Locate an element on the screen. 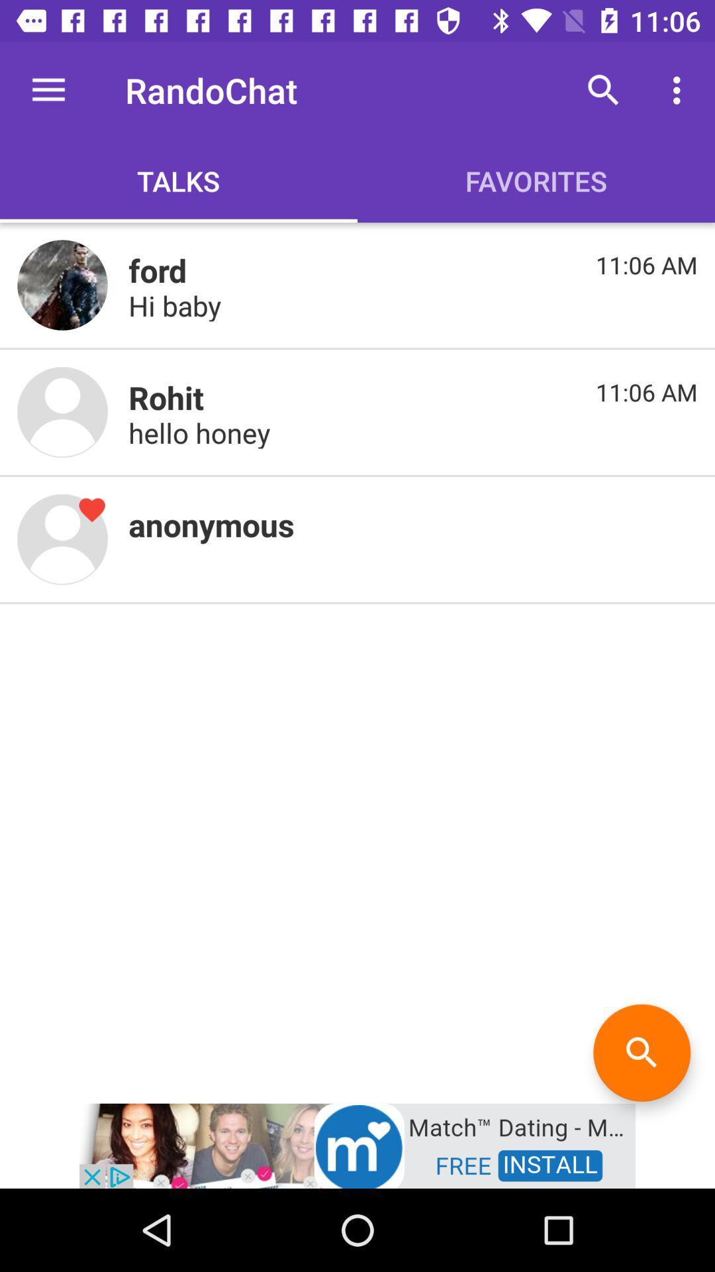 The height and width of the screenshot is (1272, 715). the search icon is located at coordinates (641, 1052).